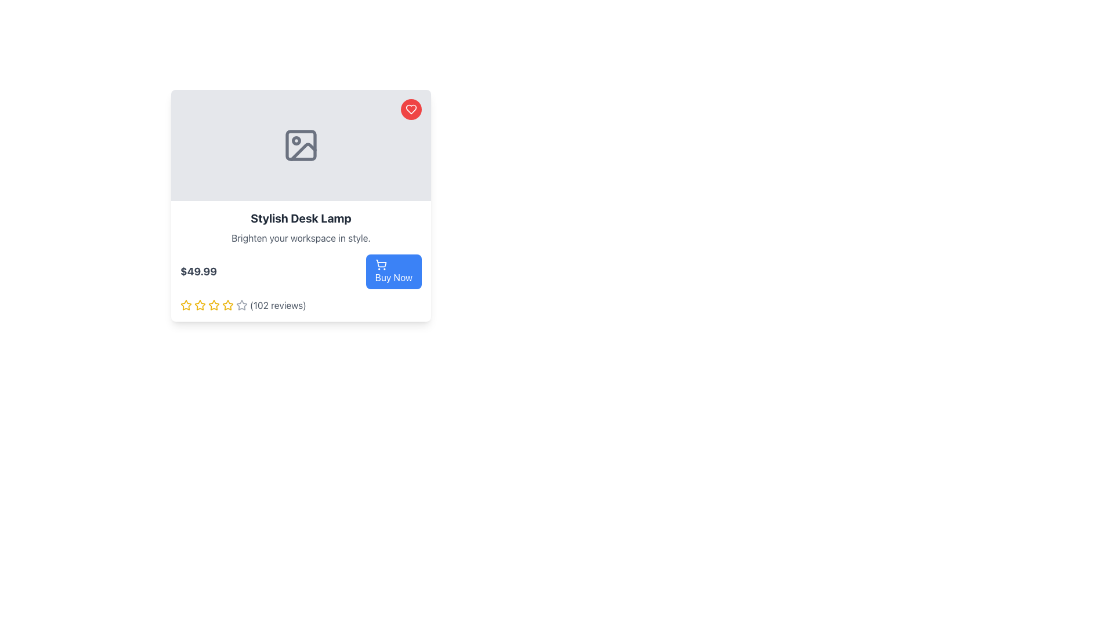 The height and width of the screenshot is (626, 1114). What do you see at coordinates (241, 304) in the screenshot?
I see `fourth star icon in the 5-star rating system located in the bottom-left area of the product card interface` at bounding box center [241, 304].